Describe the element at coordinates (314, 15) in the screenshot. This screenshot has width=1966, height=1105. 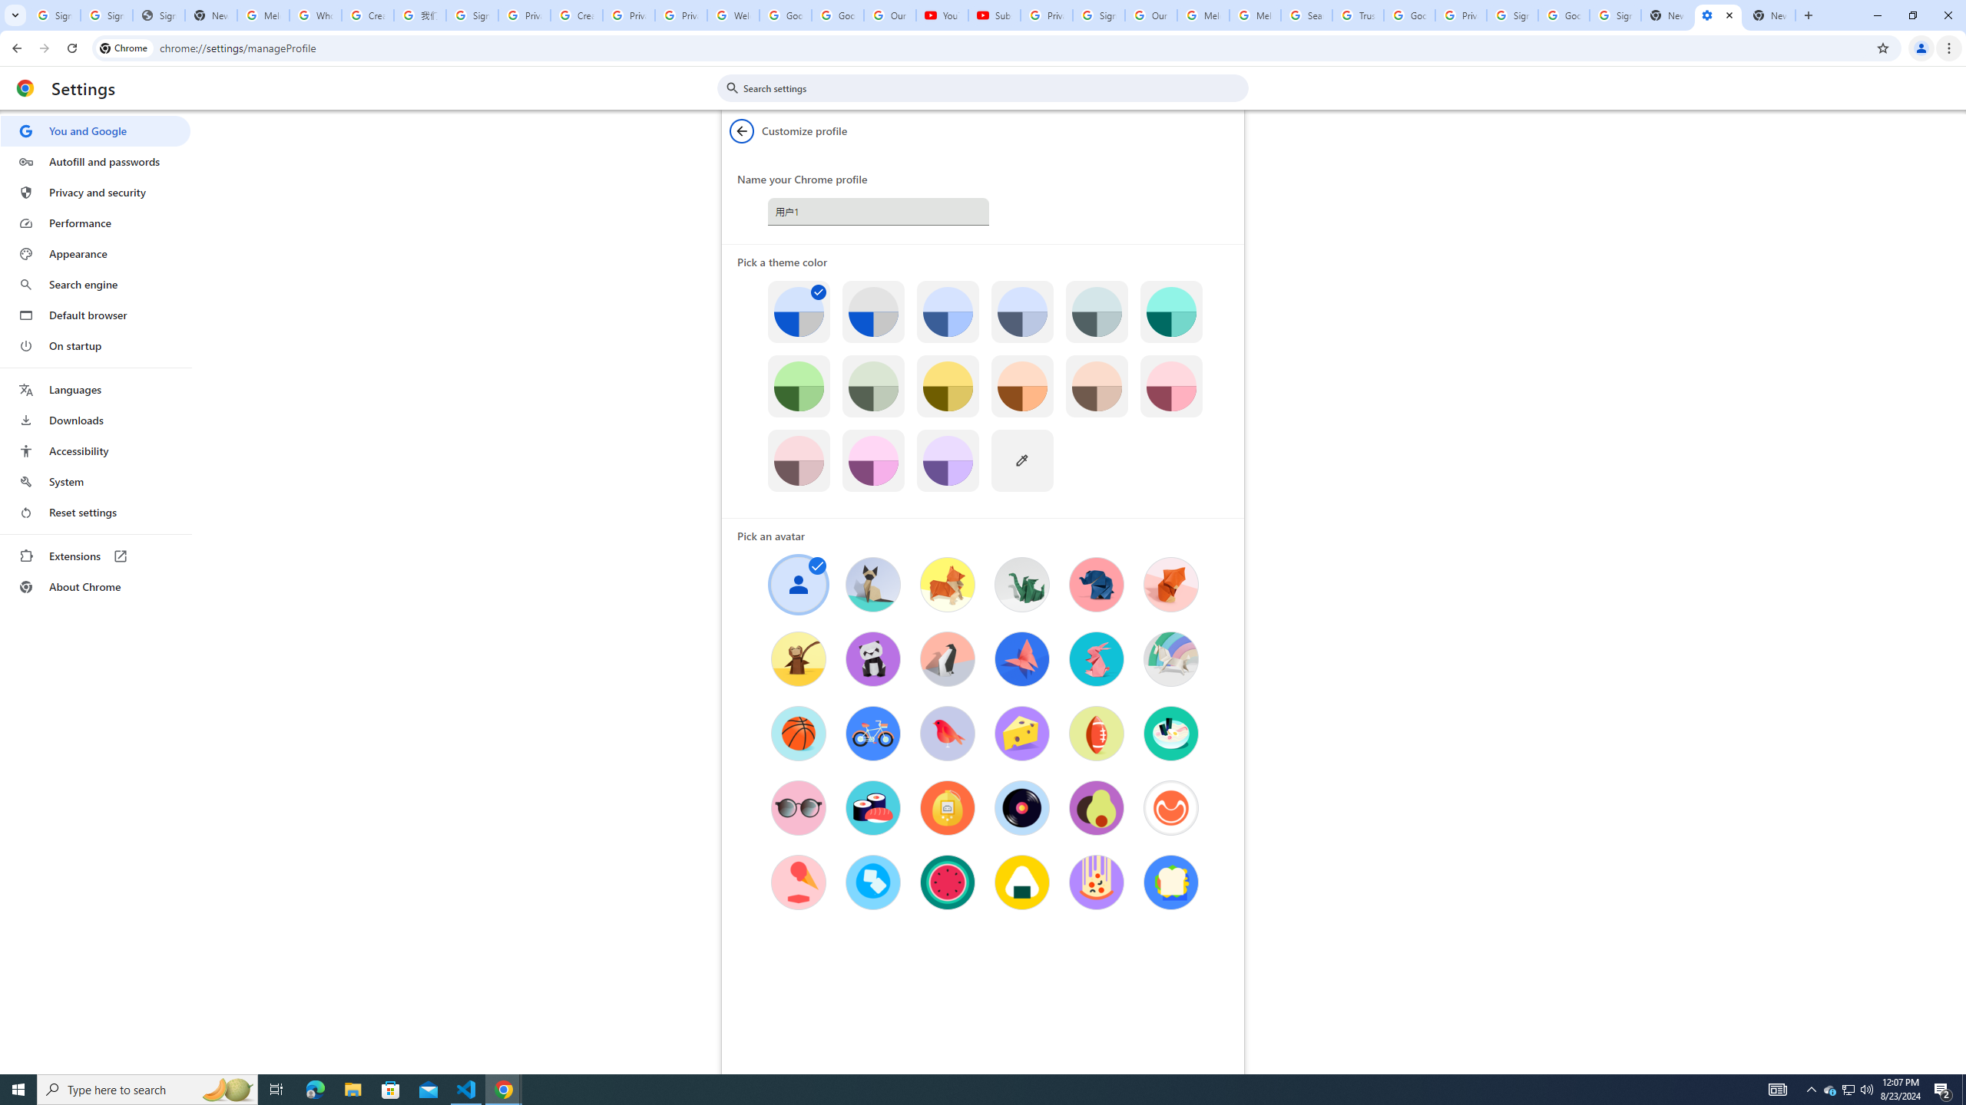
I see `'Who is my administrator? - Google Account Help'` at that location.